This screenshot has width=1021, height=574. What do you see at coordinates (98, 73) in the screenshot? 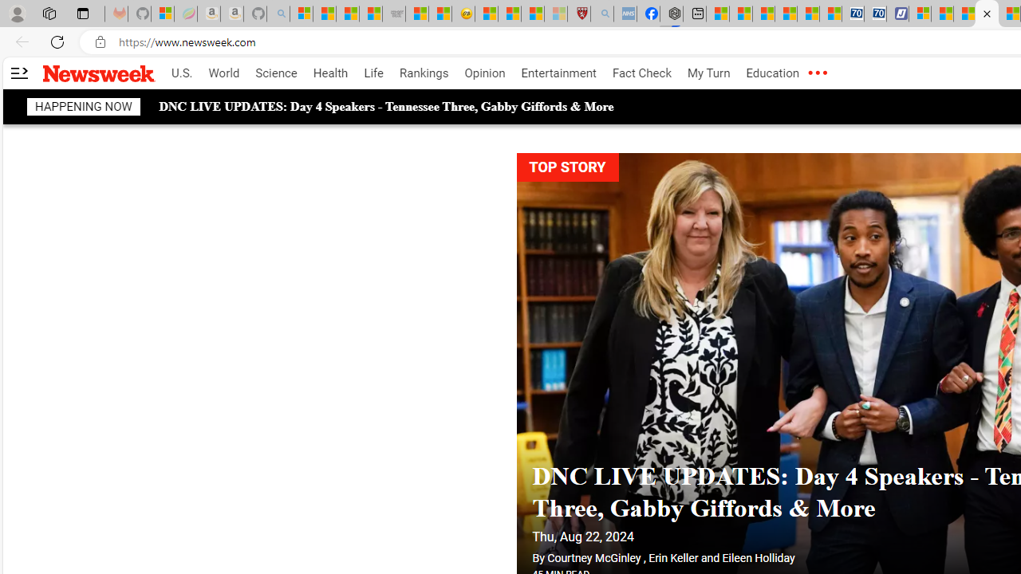
I see `'Newsweek logo'` at bounding box center [98, 73].